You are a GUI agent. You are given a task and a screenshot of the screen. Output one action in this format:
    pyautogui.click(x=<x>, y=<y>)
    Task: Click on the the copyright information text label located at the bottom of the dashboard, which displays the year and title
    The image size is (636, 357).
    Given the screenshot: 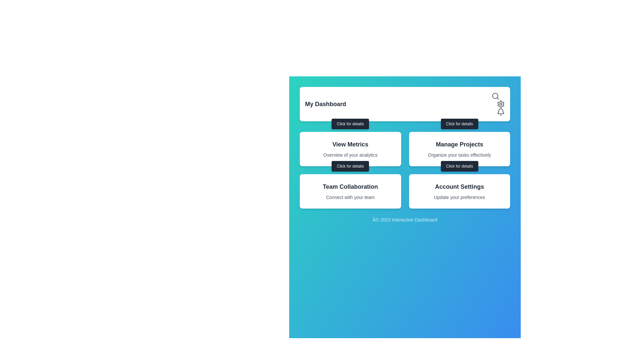 What is the action you would take?
    pyautogui.click(x=404, y=219)
    